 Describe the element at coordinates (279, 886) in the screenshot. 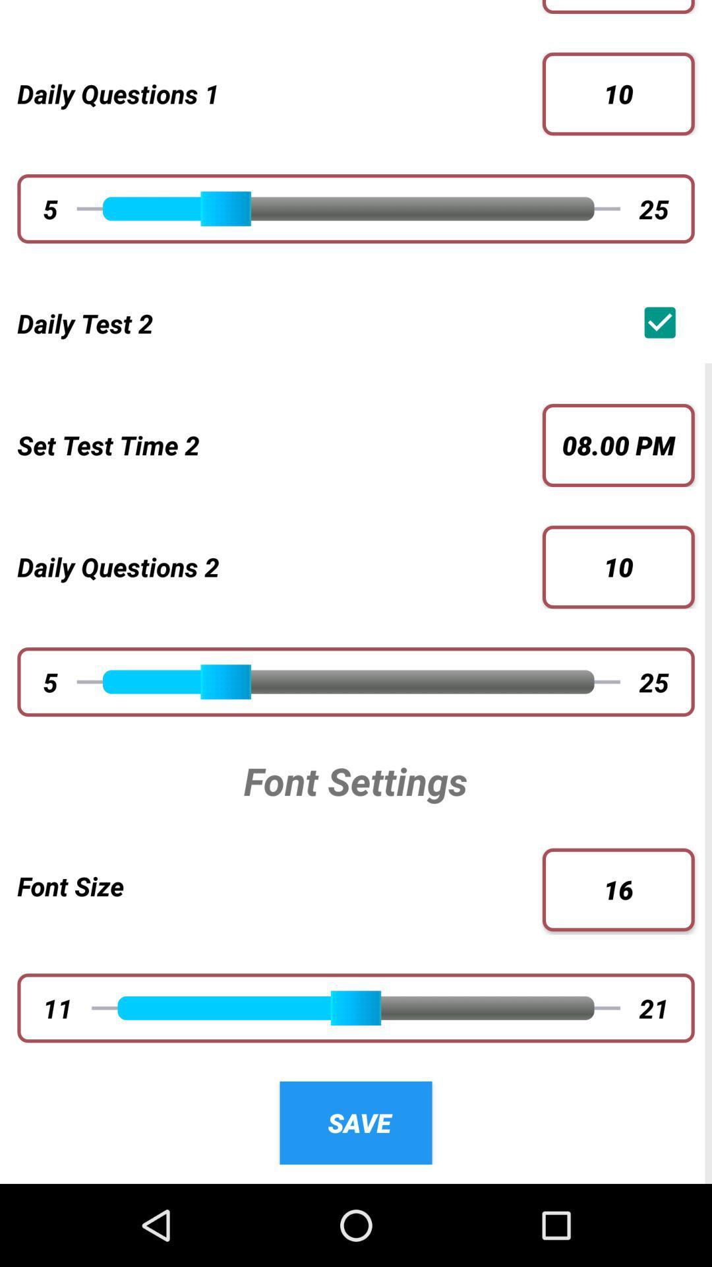

I see `app above the 11 app` at that location.